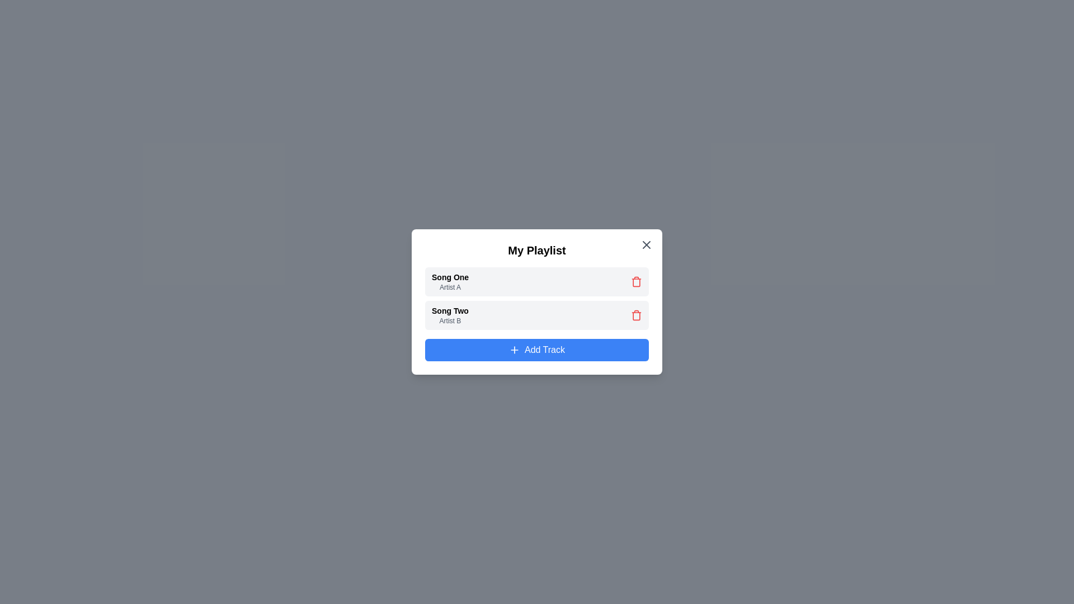  Describe the element at coordinates (450, 281) in the screenshot. I see `the first list item in 'My Playlist' displaying 'Song One' and 'Artist A'` at that location.